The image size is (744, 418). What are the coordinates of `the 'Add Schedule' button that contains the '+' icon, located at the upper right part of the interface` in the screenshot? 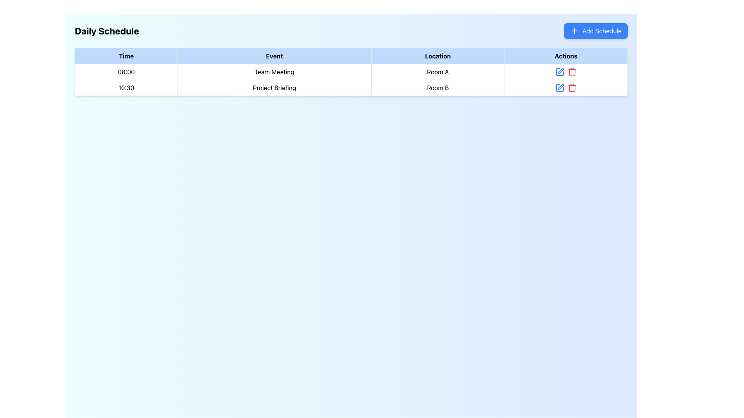 It's located at (575, 31).